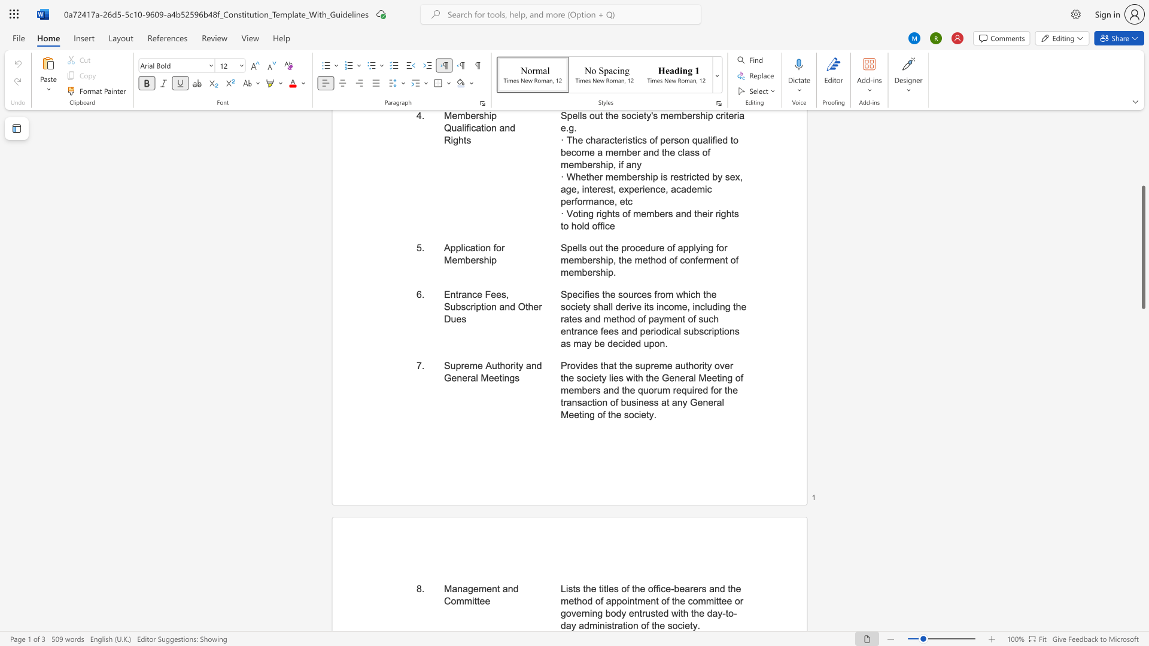 This screenshot has width=1149, height=646. What do you see at coordinates (601, 588) in the screenshot?
I see `the subset text "itles of the office-bearers and the method of appointment of the committee or governing body entrusted with the day-to-day adminis" within the text "Lists the titles of the office-bearers and the method of appointment of the committee or governing body entrusted with the day-to-day administration of the society."` at bounding box center [601, 588].